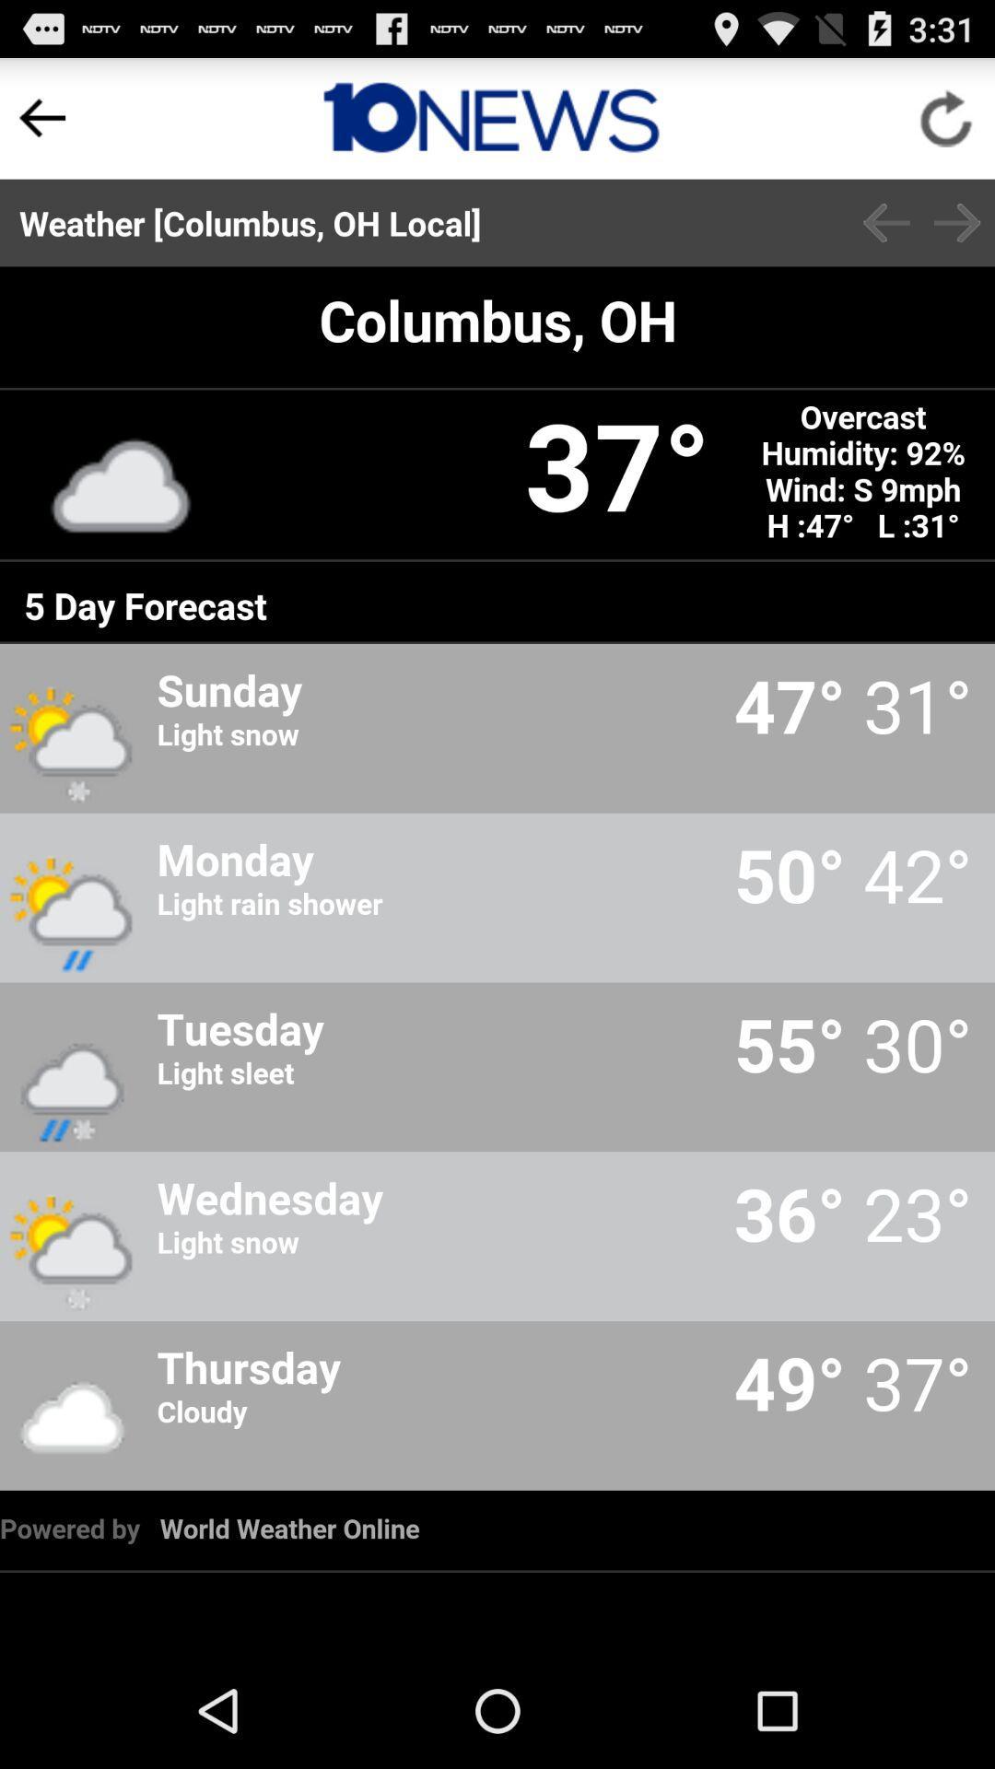  What do you see at coordinates (41, 125) in the screenshot?
I see `the arrow_backward icon` at bounding box center [41, 125].